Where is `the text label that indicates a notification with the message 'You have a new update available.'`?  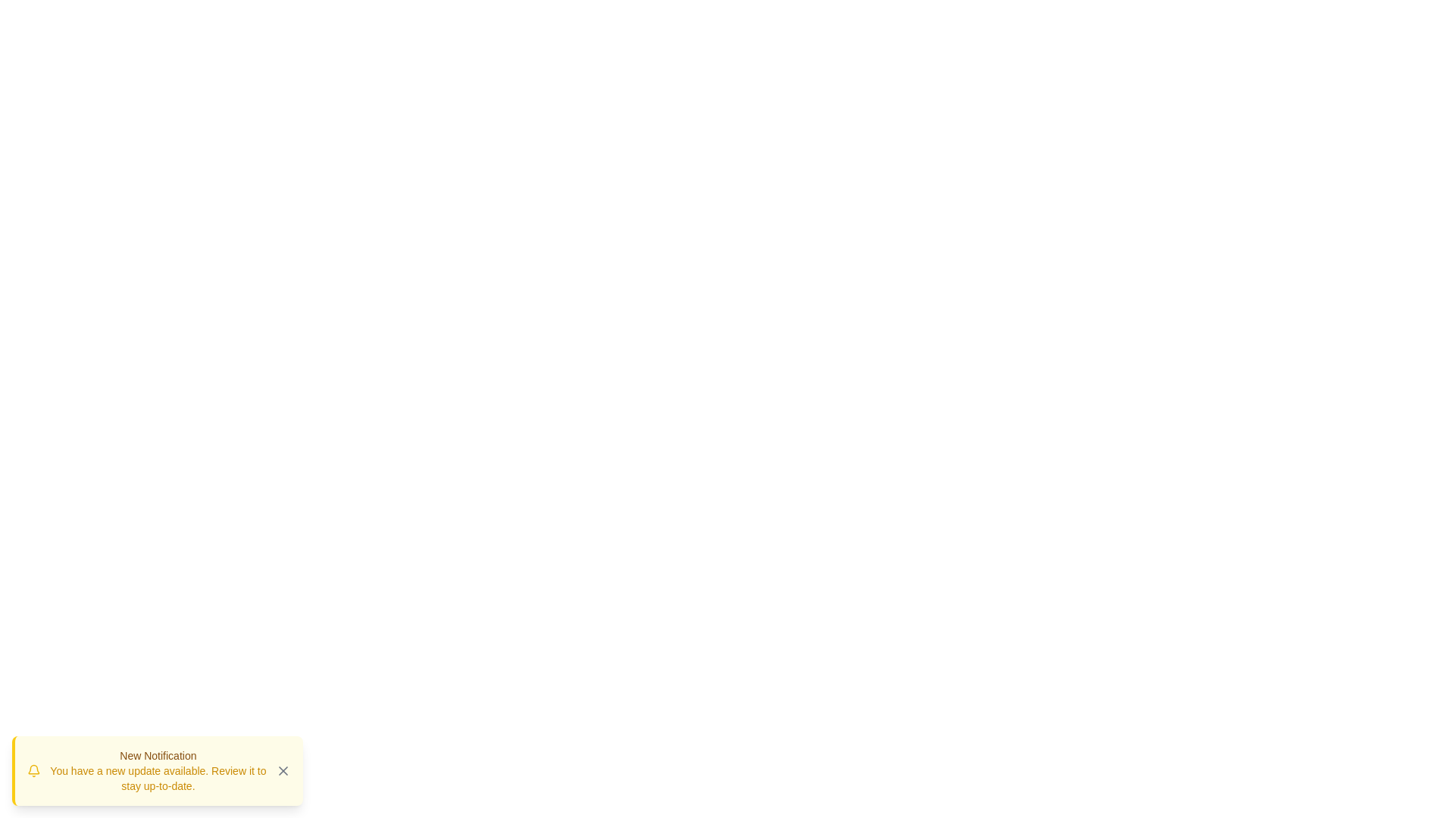 the text label that indicates a notification with the message 'You have a new update available.' is located at coordinates (158, 779).